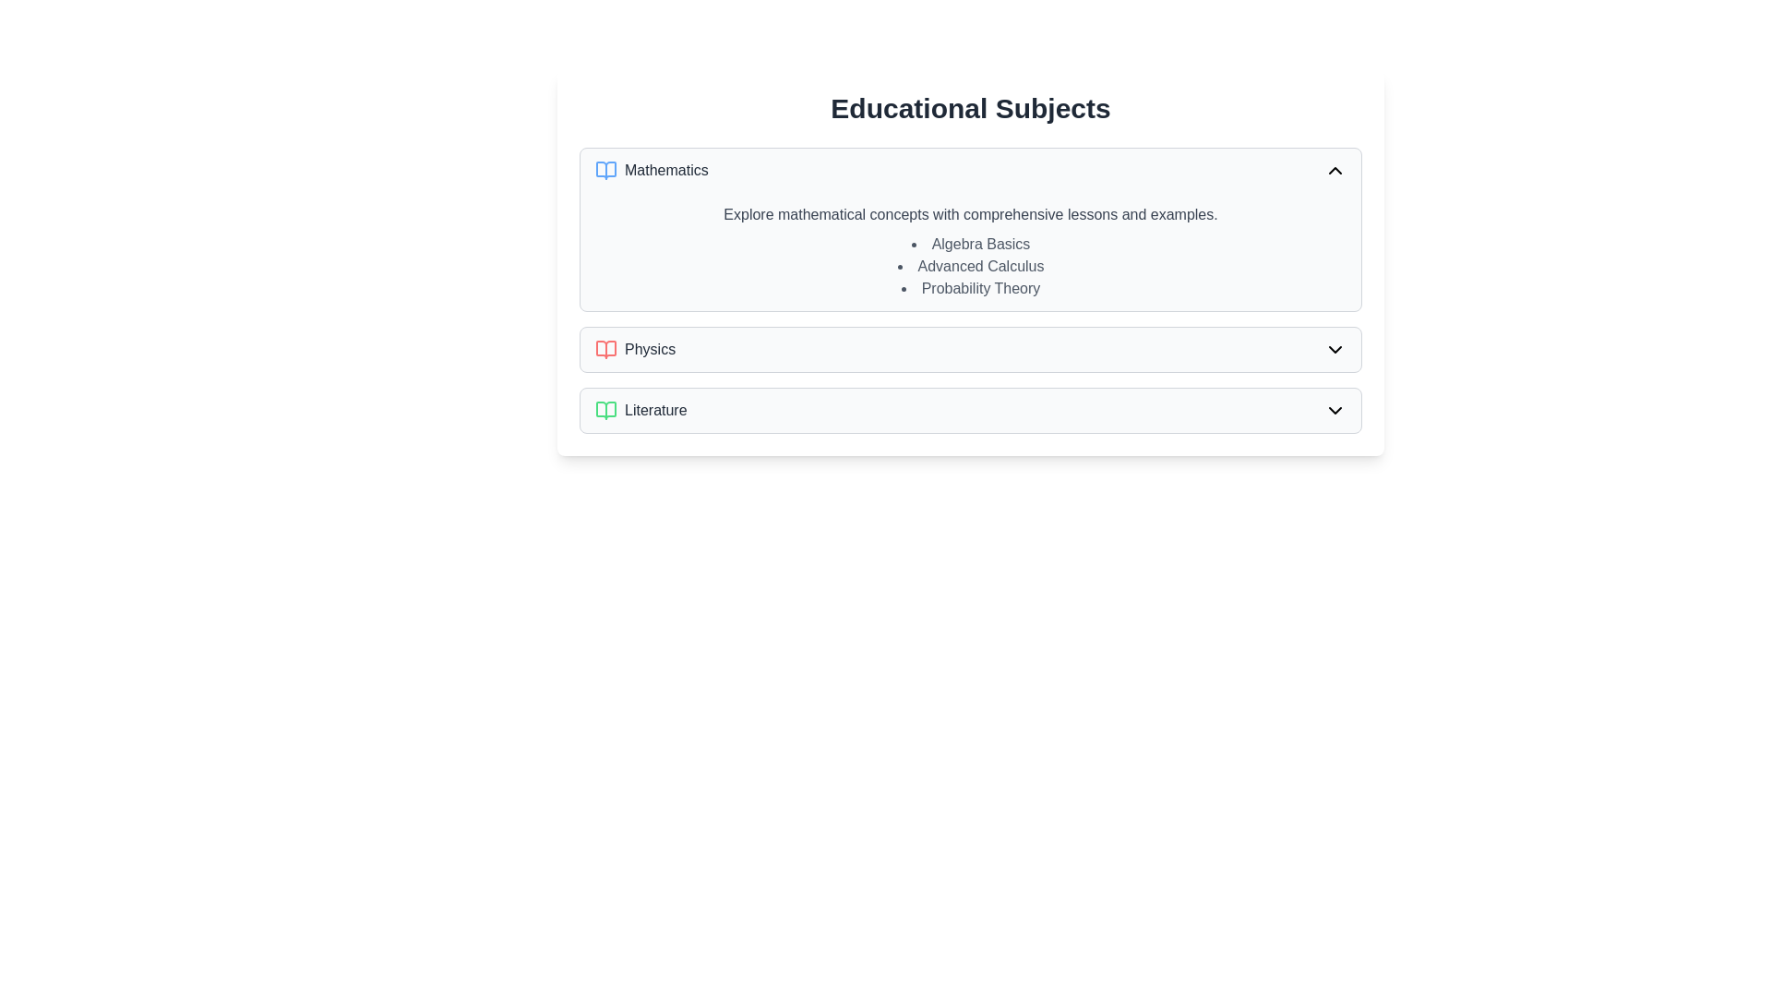 Image resolution: width=1772 pixels, height=997 pixels. Describe the element at coordinates (969, 288) in the screenshot. I see `the text item reading 'Probability Theory' styled in gray font, which is the third bullet point under the Mathematics section` at that location.